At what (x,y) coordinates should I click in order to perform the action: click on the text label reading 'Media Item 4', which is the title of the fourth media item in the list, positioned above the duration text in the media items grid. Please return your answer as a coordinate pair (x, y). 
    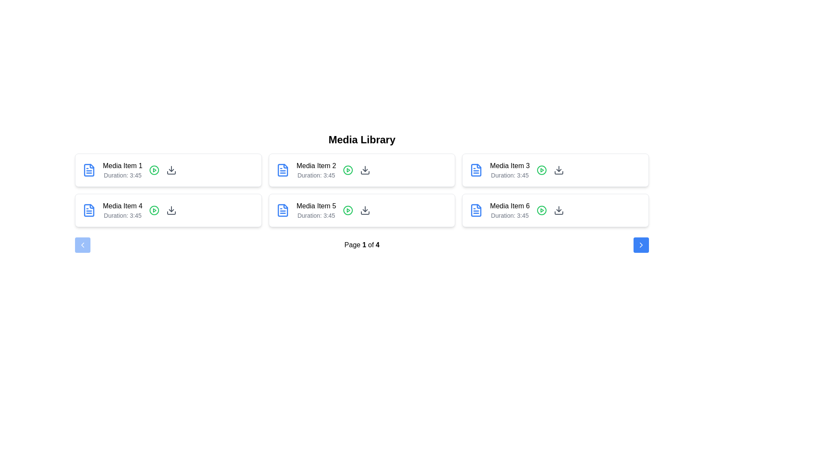
    Looking at the image, I should click on (122, 206).